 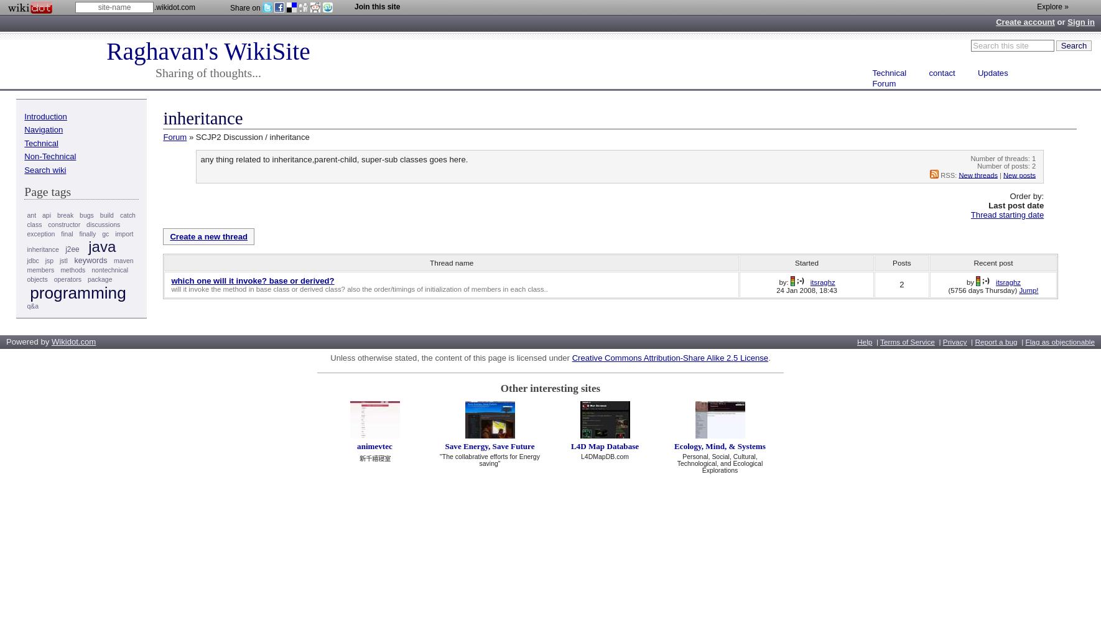 I want to click on '(5756 days Thursday)', so click(x=947, y=289).